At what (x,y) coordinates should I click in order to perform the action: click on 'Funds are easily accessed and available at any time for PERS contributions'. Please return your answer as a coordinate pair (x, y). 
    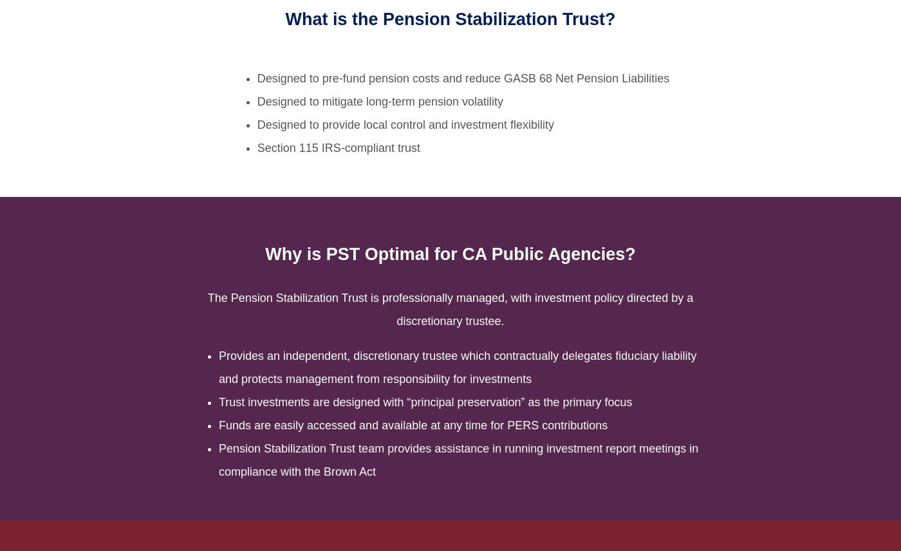
    Looking at the image, I should click on (413, 424).